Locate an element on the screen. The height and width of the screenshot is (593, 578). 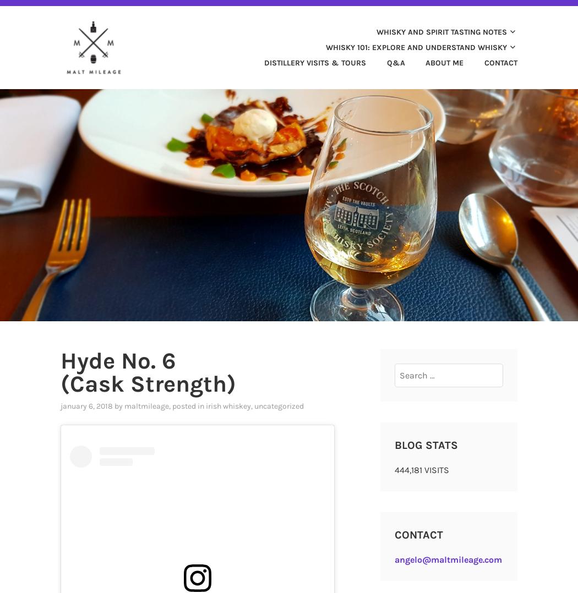
'Distillery visits & tours' is located at coordinates (314, 62).